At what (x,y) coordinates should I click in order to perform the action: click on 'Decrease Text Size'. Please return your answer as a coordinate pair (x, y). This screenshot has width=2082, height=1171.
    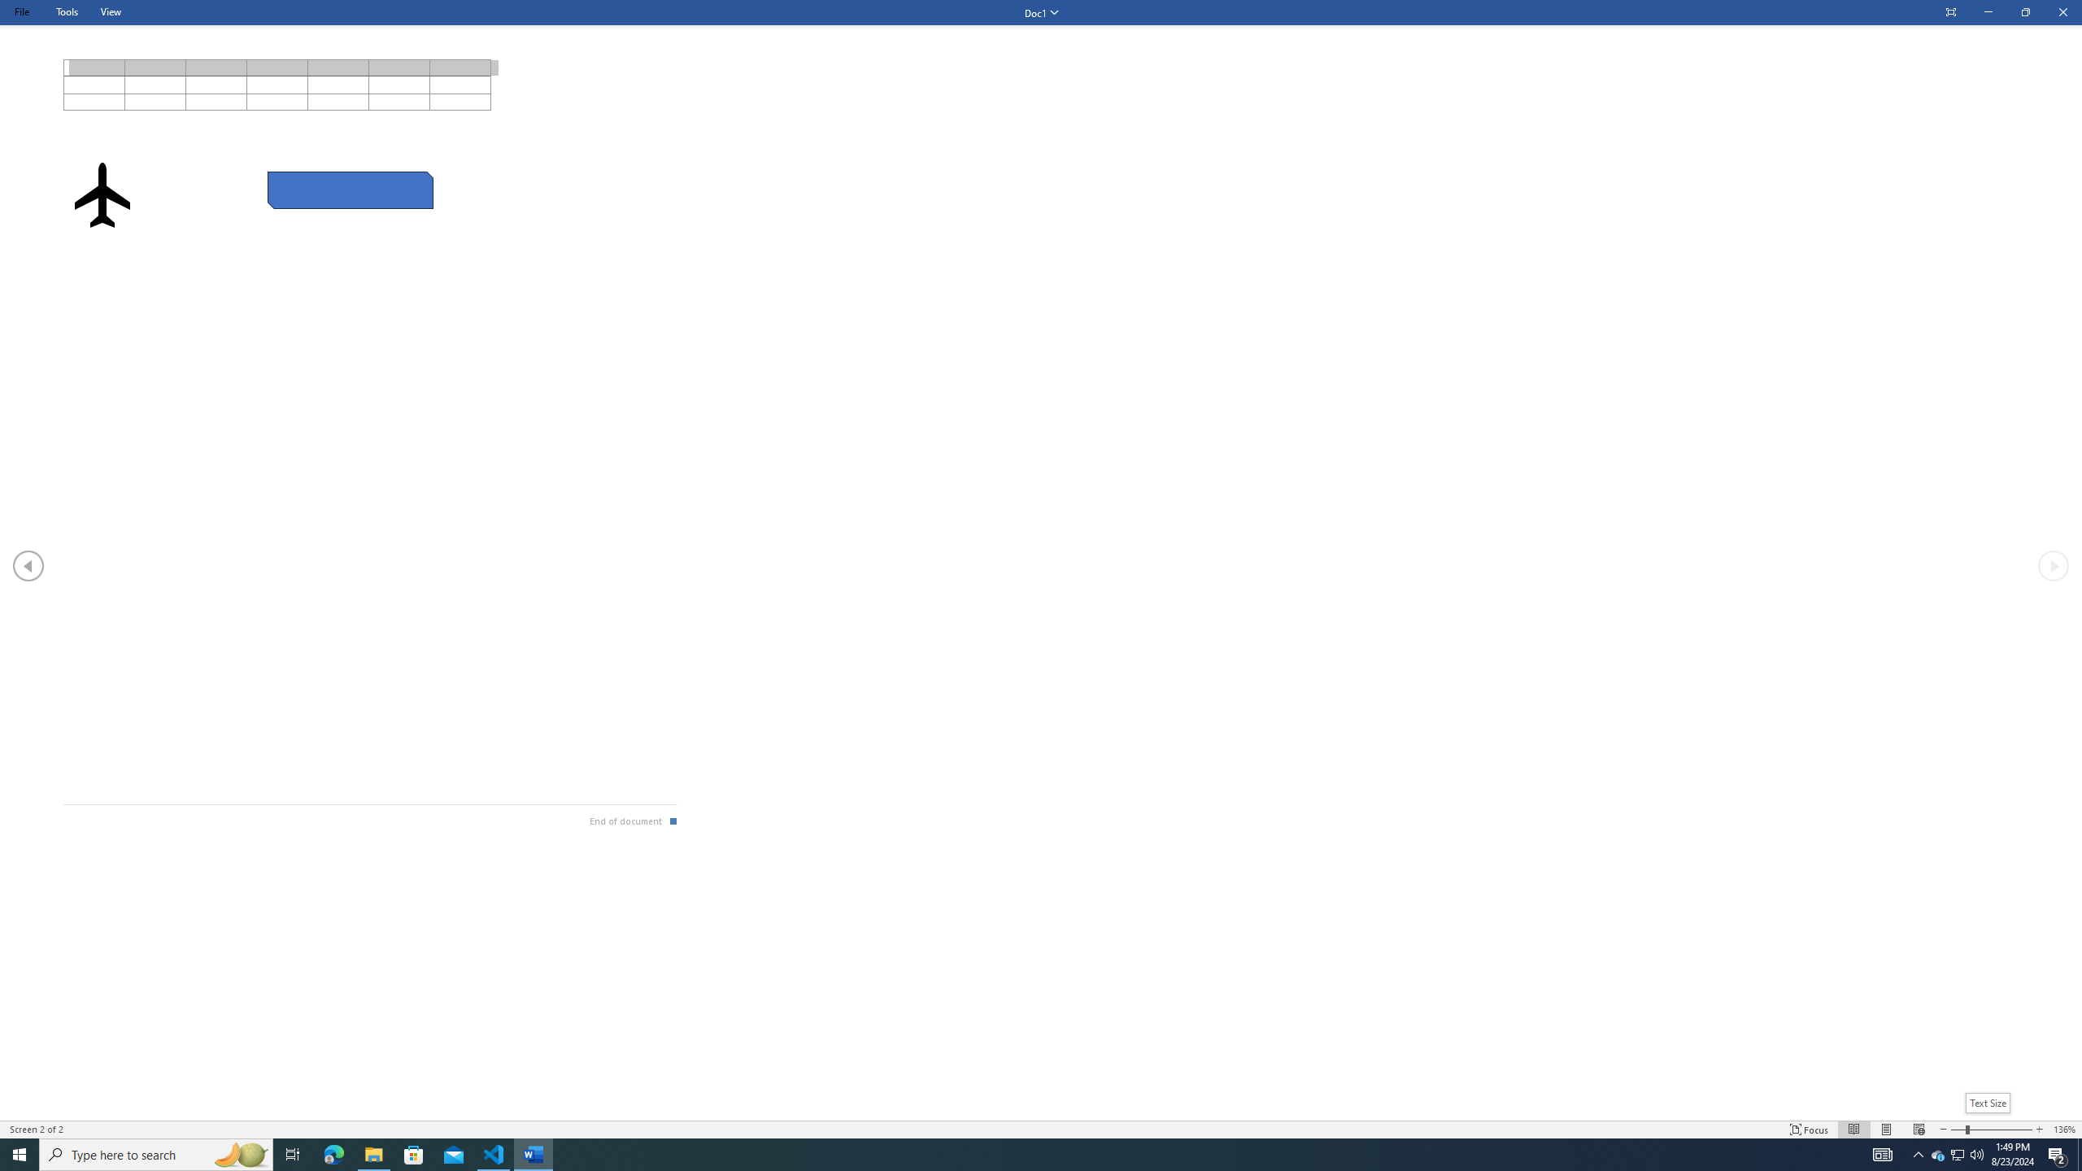
    Looking at the image, I should click on (1942, 1130).